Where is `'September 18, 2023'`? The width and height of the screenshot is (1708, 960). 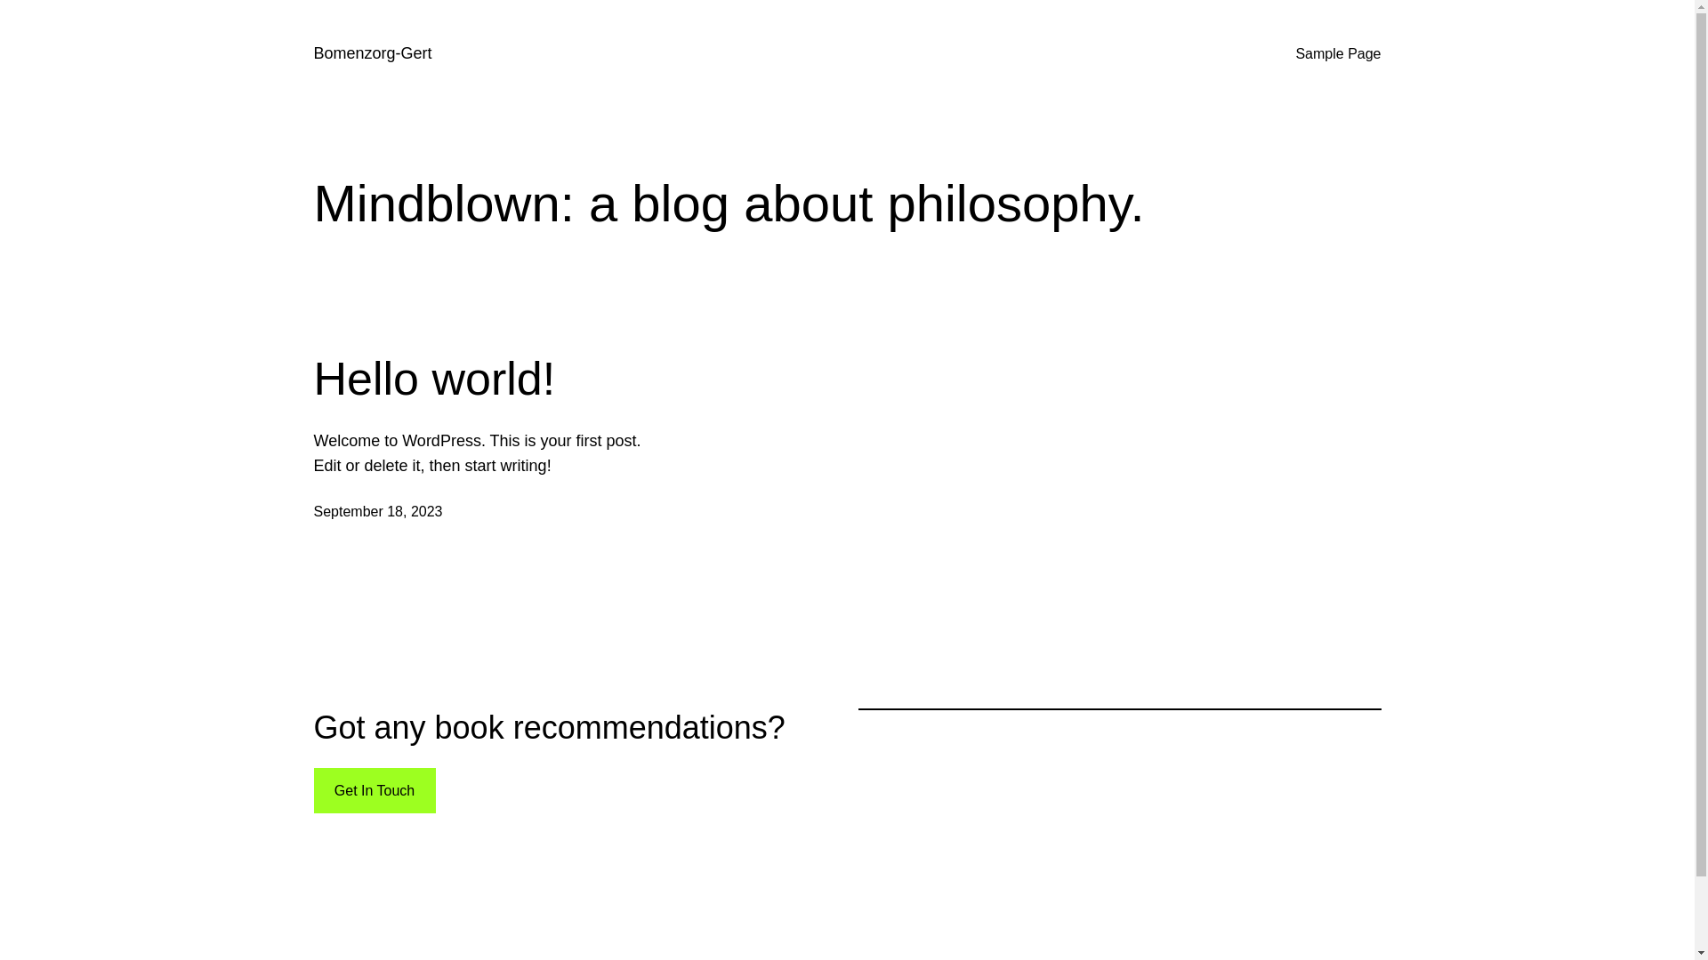 'September 18, 2023' is located at coordinates (312, 511).